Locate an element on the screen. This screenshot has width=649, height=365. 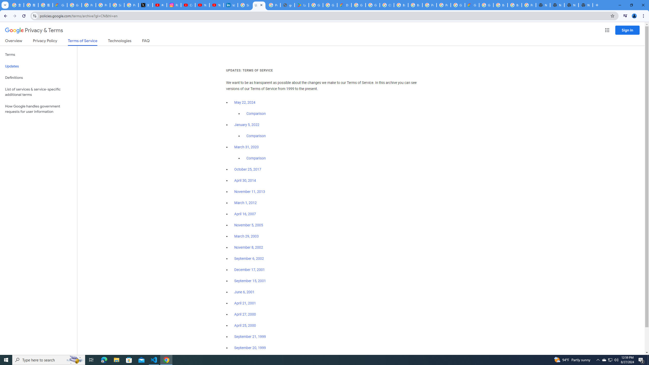
'November 8, 2002' is located at coordinates (248, 247).